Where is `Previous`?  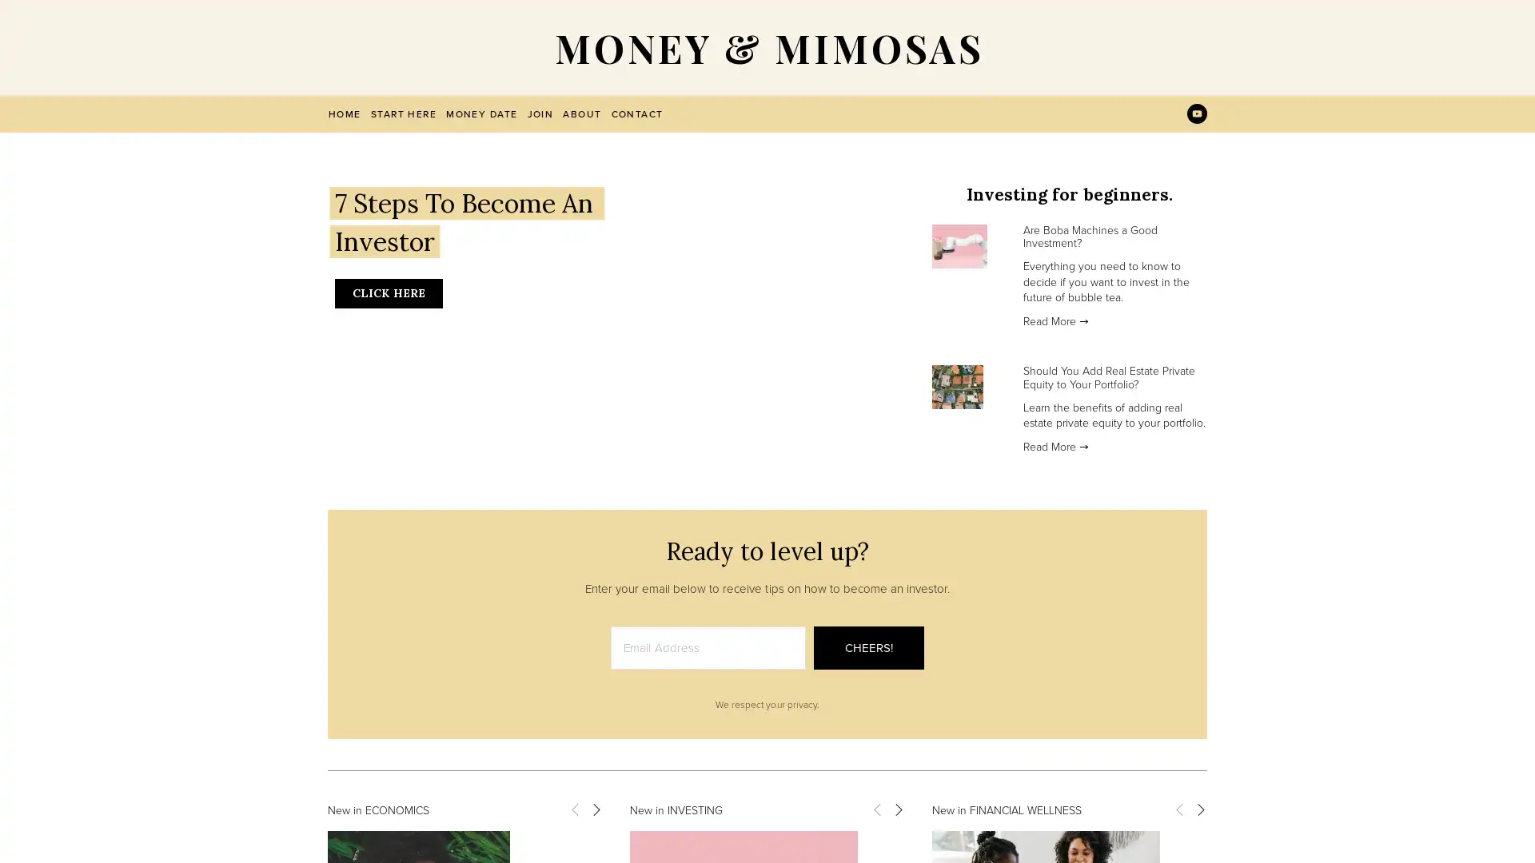
Previous is located at coordinates (1178, 808).